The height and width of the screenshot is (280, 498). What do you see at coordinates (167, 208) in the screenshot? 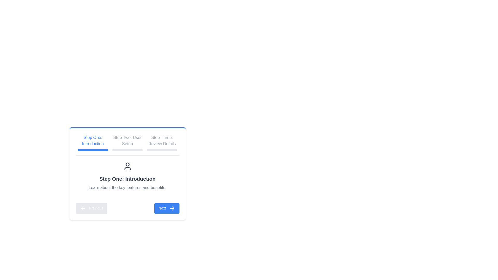
I see `the 'Next' button, which is a rectangular button with a blue background, white text, rounded corners, and a right arrow icon, located at the bottom of the content card` at bounding box center [167, 208].